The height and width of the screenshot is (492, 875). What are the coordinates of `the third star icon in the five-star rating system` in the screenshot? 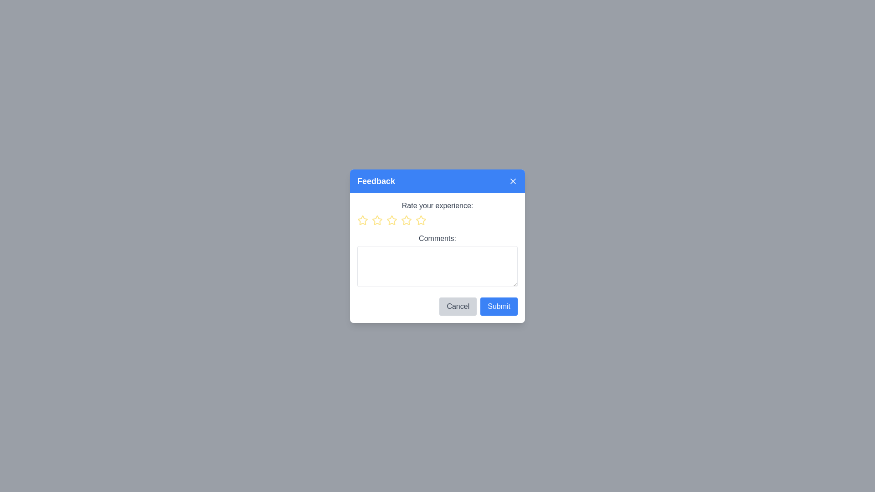 It's located at (406, 220).